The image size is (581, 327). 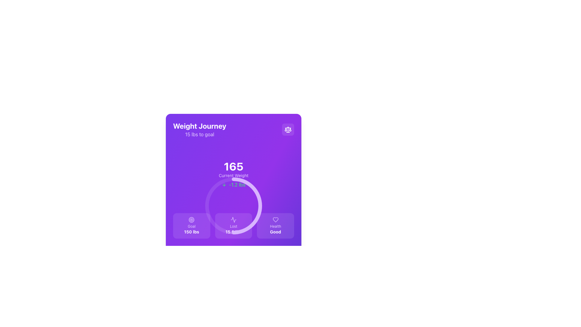 I want to click on the second graphical component of the icon located in the top-right region of the card-style layout, so click(x=290, y=129).